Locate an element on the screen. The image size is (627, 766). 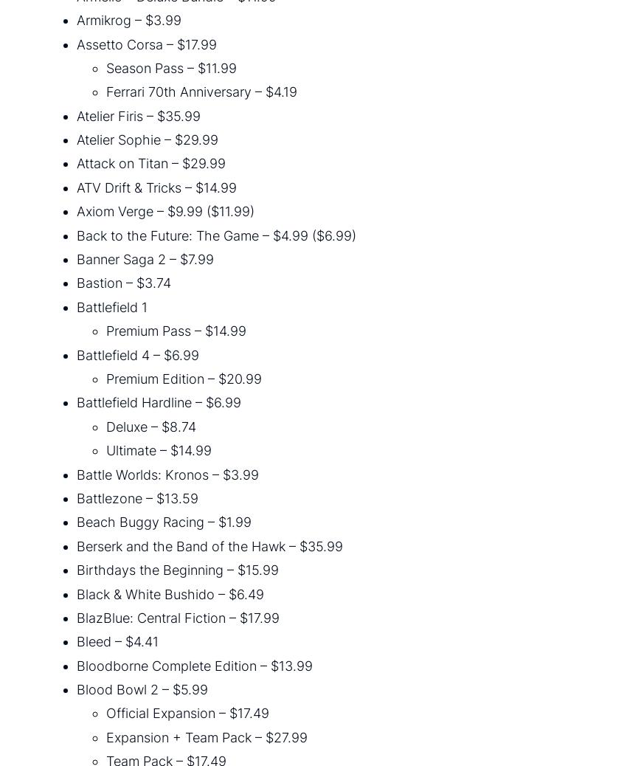
'PlayStation Store' is located at coordinates (29, 203).